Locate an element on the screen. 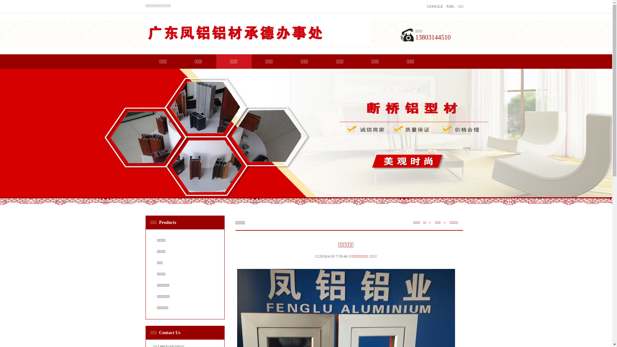 The image size is (617, 347). 'XML' is located at coordinates (450, 6).